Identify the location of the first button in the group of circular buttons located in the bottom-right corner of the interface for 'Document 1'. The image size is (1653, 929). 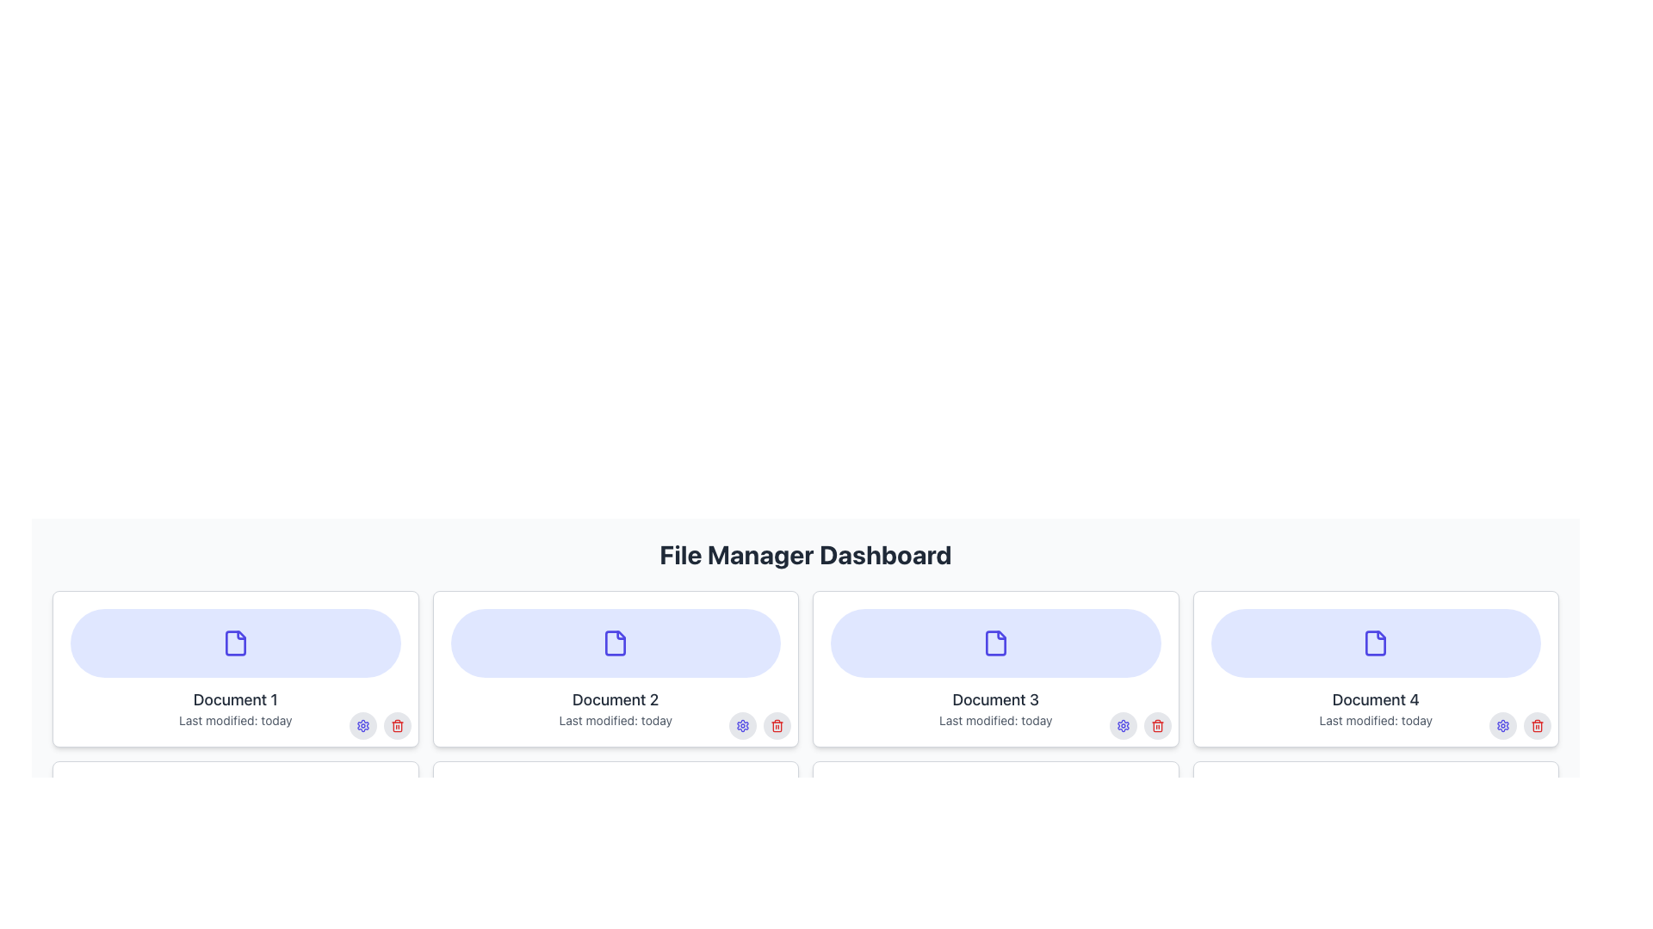
(362, 895).